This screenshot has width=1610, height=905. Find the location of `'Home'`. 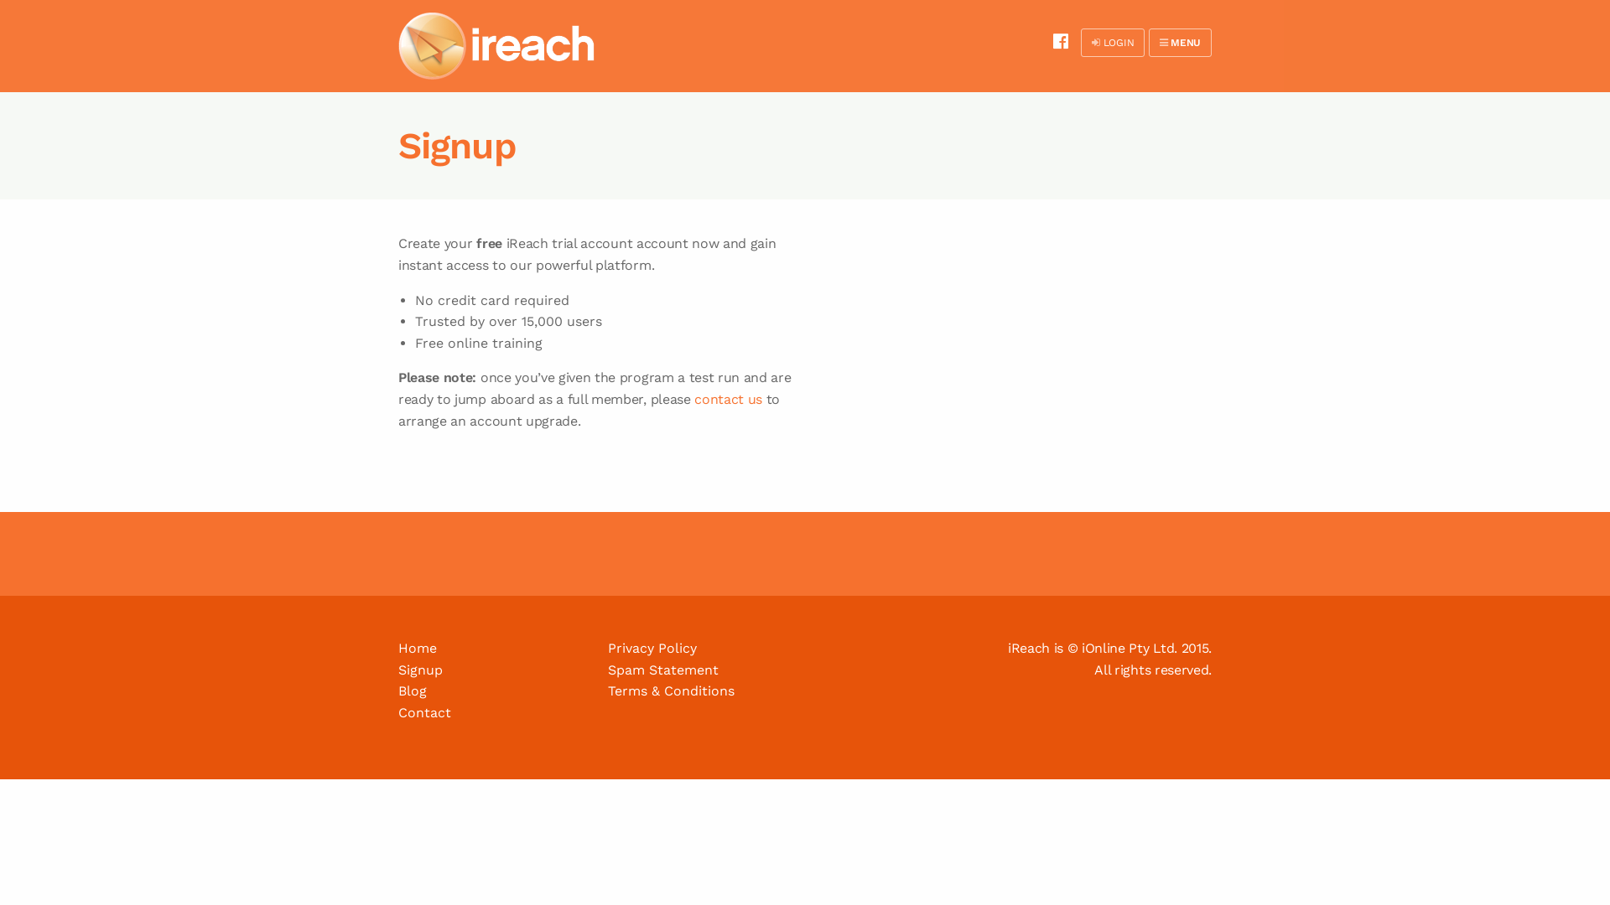

'Home' is located at coordinates (418, 647).